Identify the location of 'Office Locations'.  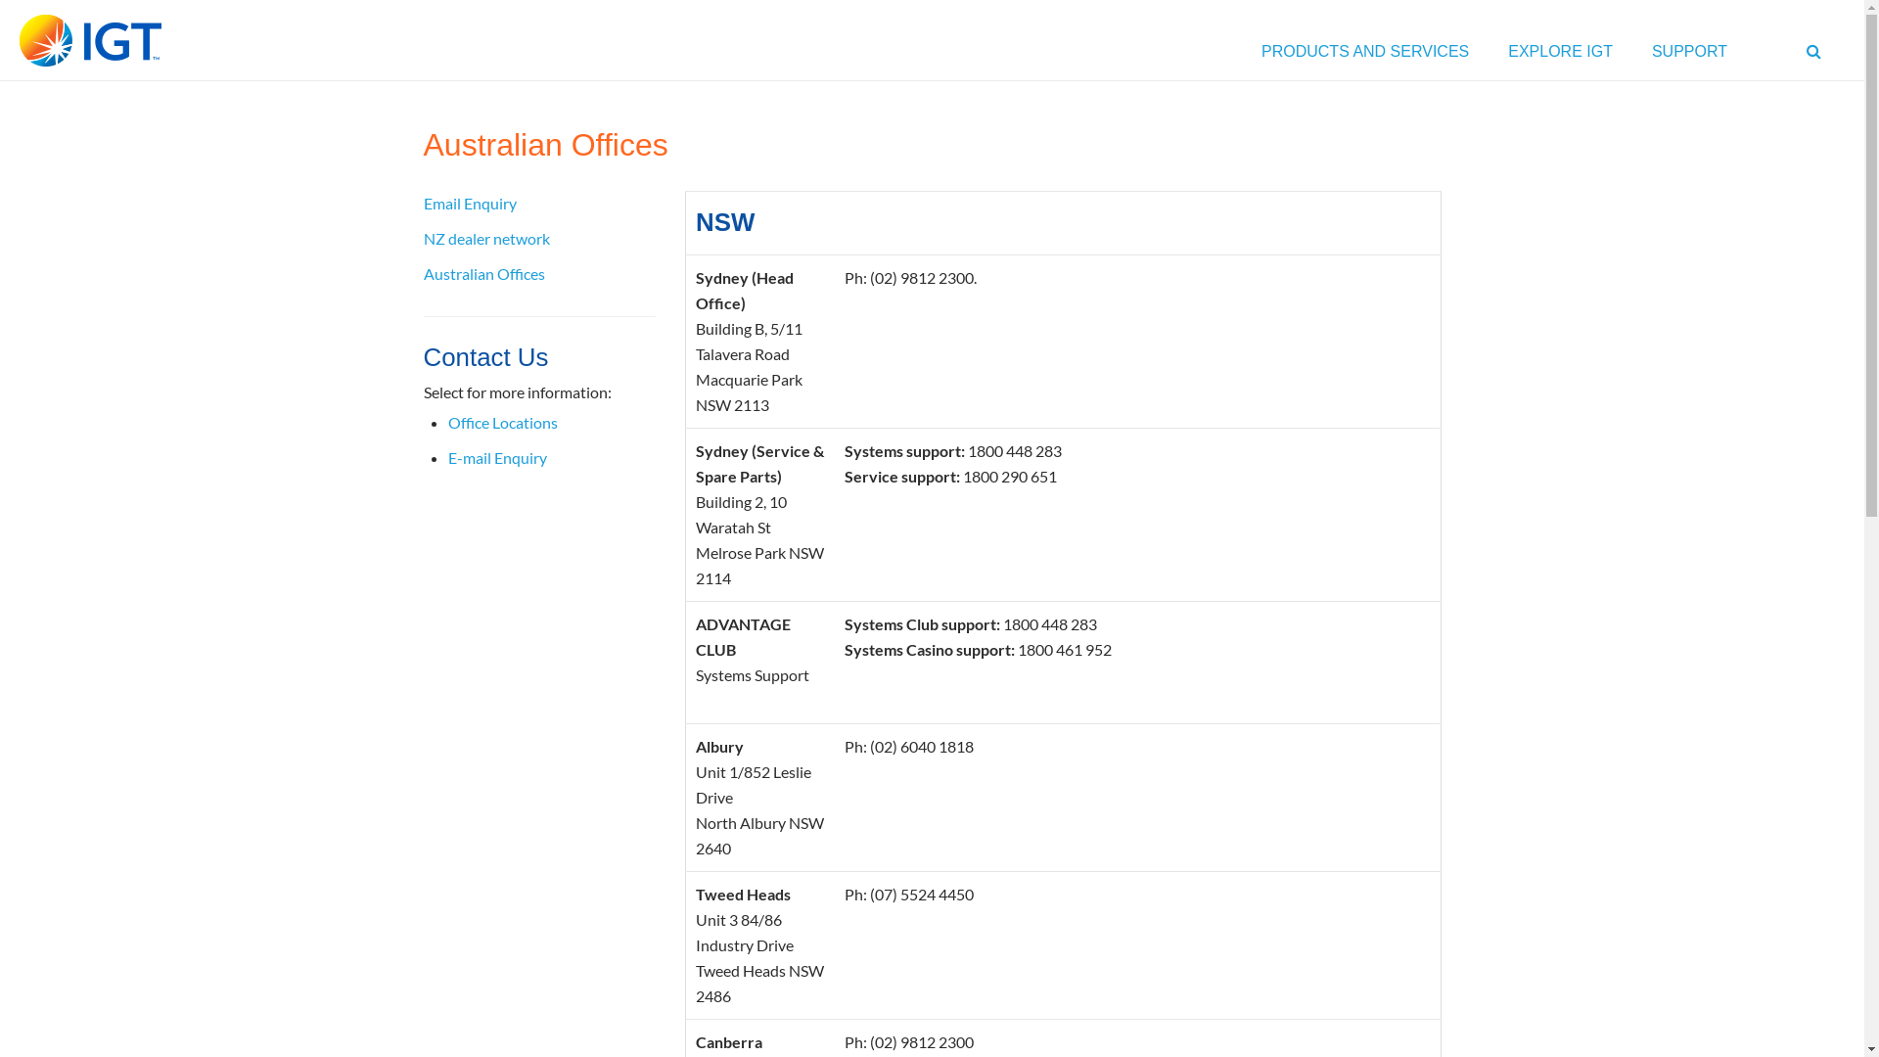
(502, 421).